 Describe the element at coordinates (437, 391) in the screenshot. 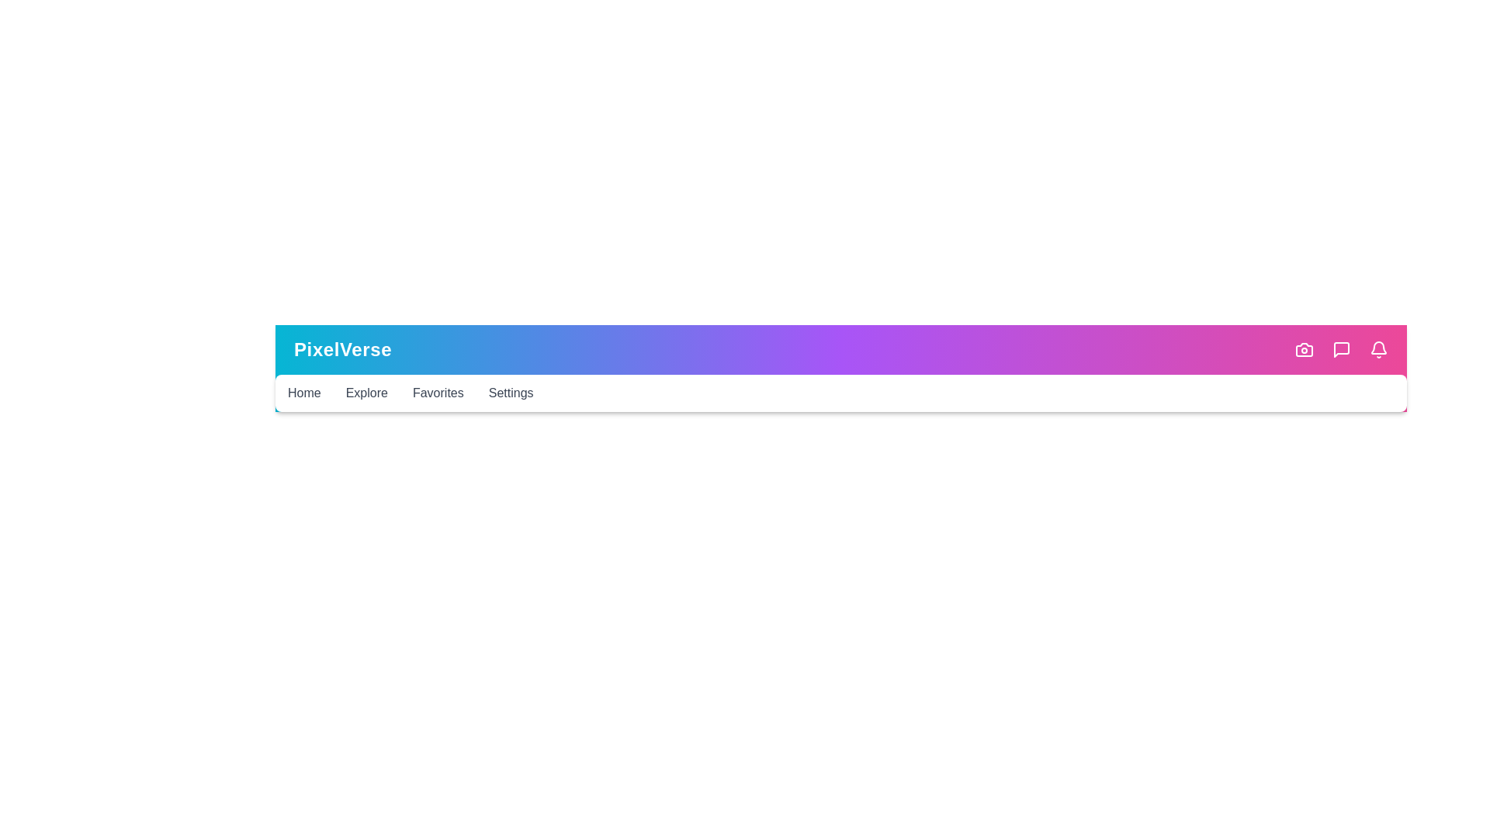

I see `the navigation menu item Favorites to reveal its submenu` at that location.